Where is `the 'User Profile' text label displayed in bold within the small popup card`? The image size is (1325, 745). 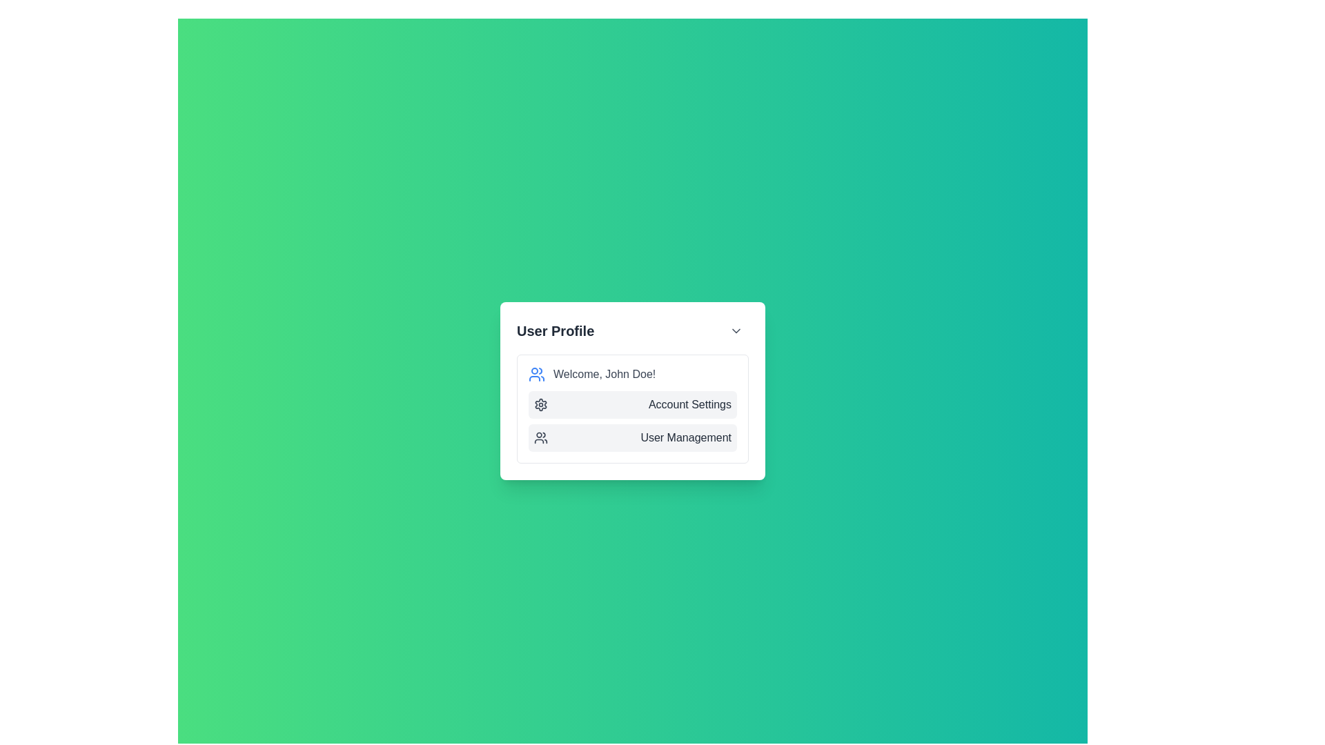 the 'User Profile' text label displayed in bold within the small popup card is located at coordinates (556, 330).